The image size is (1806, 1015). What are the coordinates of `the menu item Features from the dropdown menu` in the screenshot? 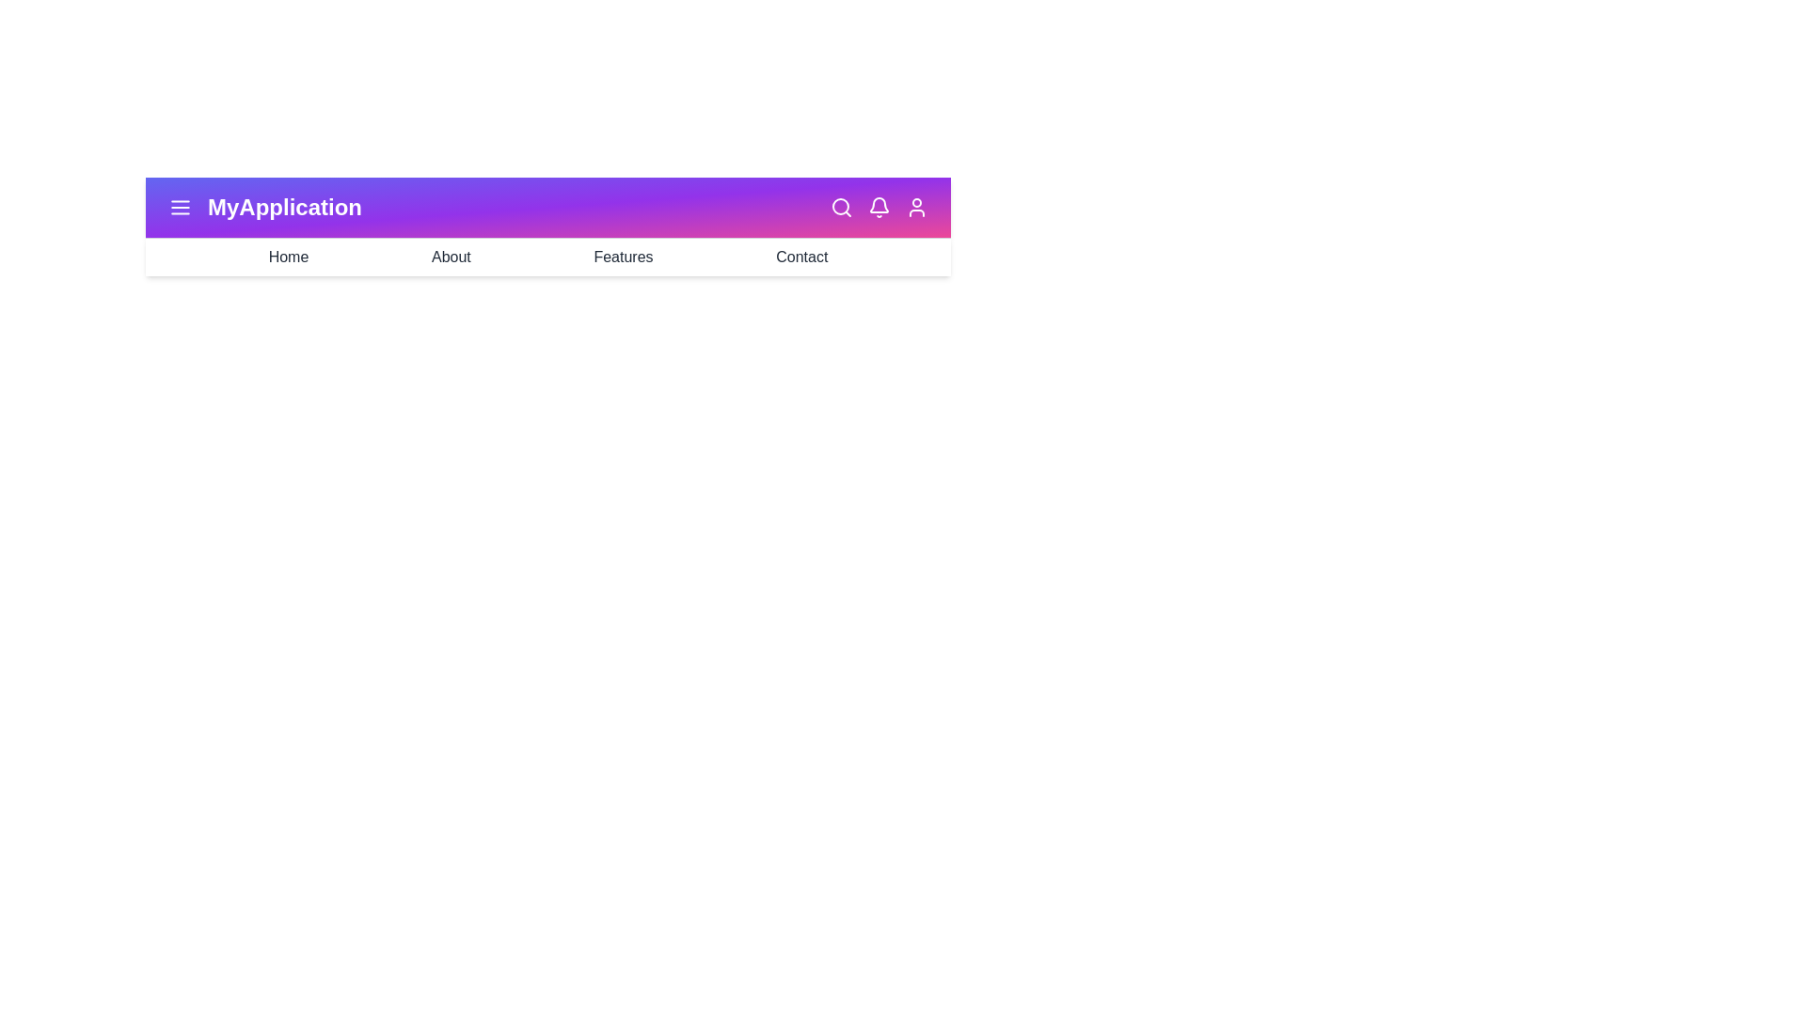 It's located at (623, 257).